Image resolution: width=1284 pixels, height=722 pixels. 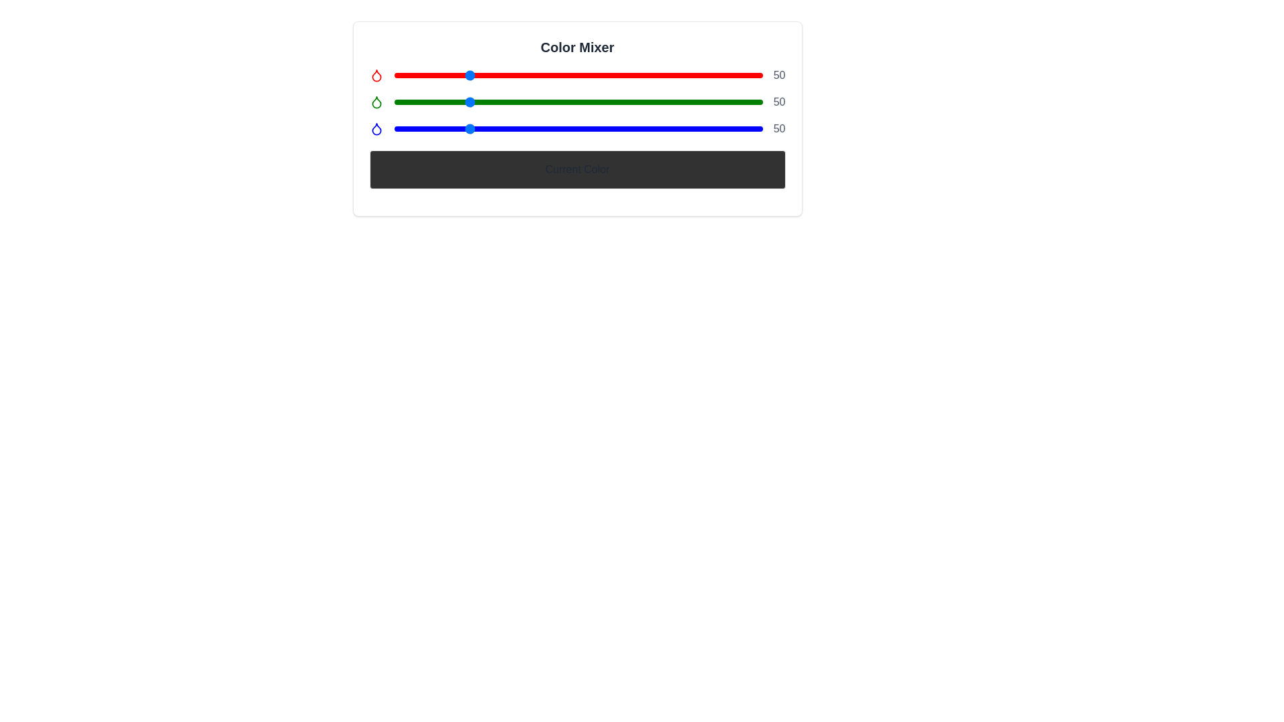 What do you see at coordinates (588, 102) in the screenshot?
I see `the green color slider to 135` at bounding box center [588, 102].